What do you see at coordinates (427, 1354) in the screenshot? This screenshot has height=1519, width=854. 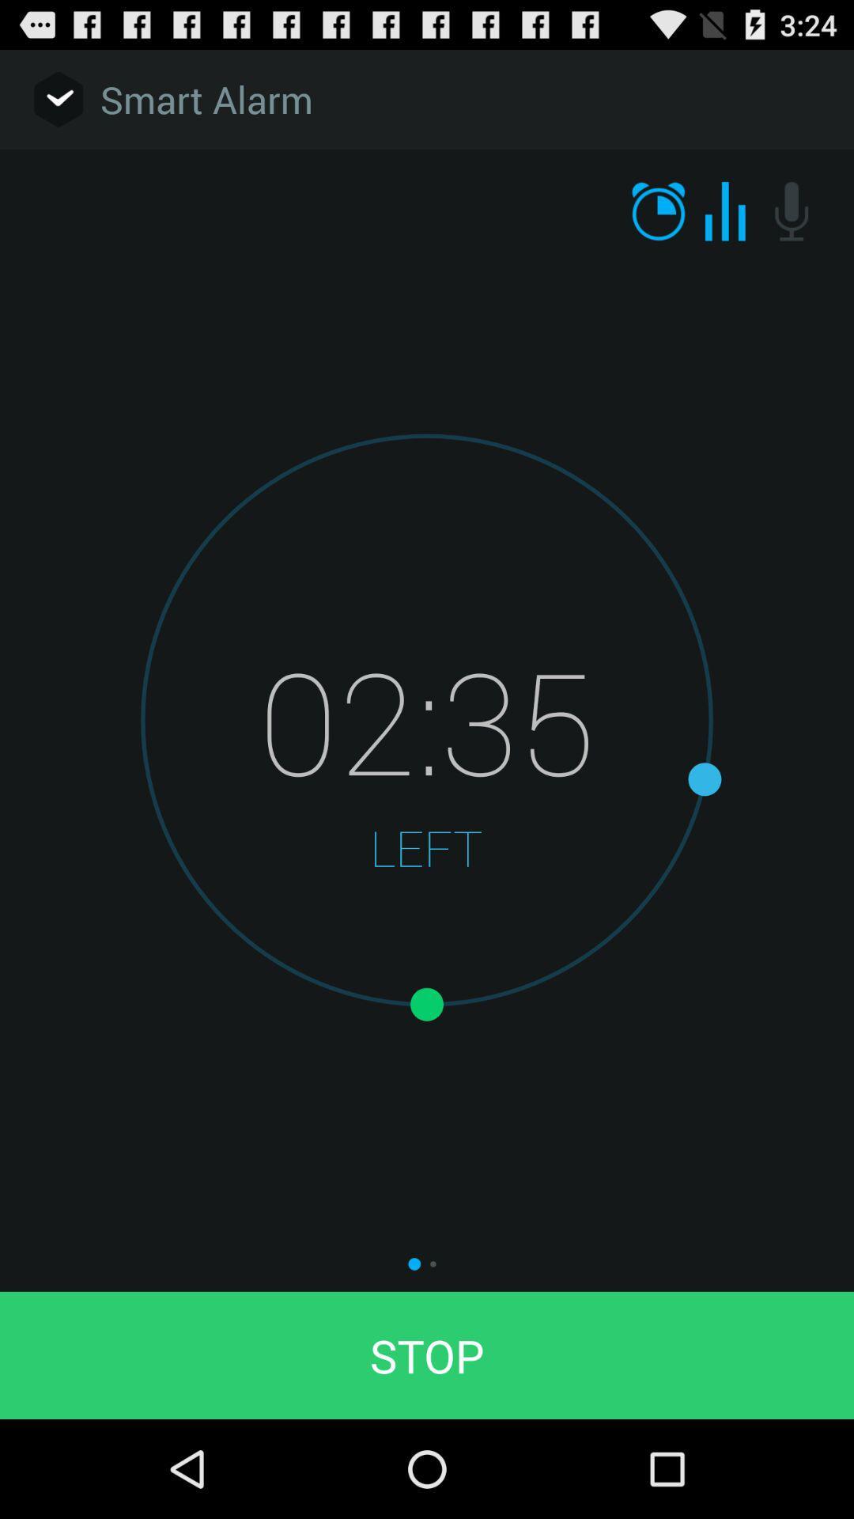 I see `the stop item` at bounding box center [427, 1354].